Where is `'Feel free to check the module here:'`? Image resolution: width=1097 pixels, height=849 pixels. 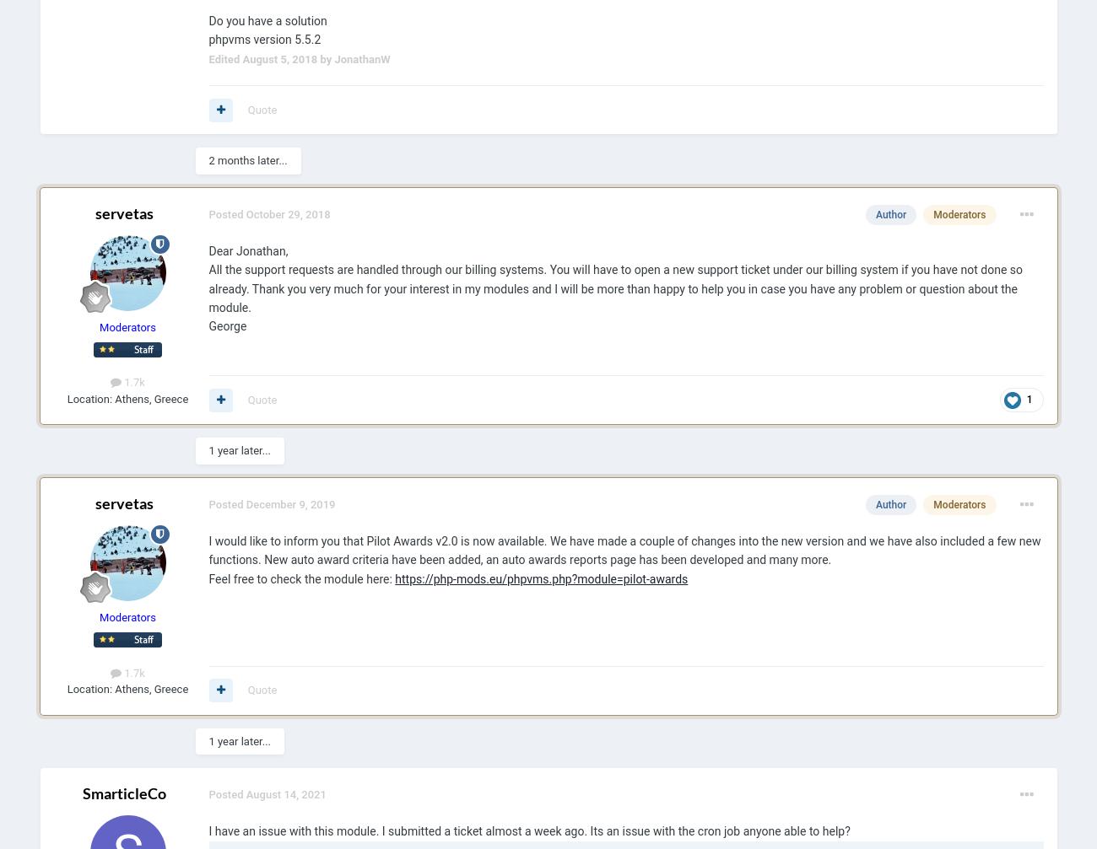
'Feel free to check the module here:' is located at coordinates (300, 577).